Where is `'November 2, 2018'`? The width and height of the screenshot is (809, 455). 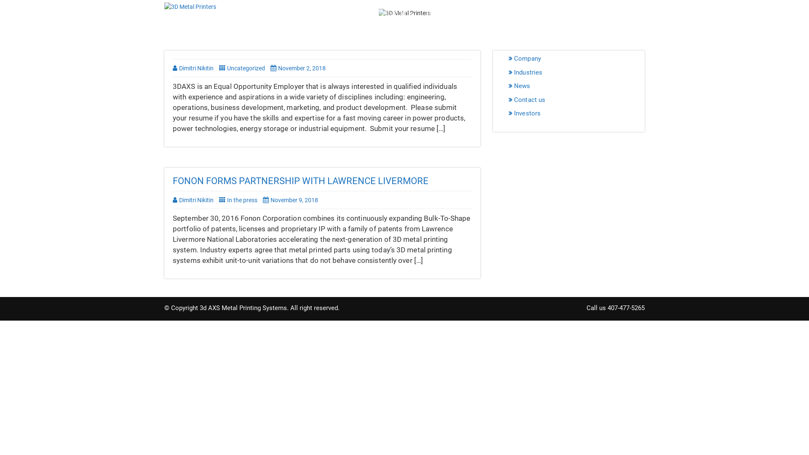 'November 2, 2018' is located at coordinates (300, 68).